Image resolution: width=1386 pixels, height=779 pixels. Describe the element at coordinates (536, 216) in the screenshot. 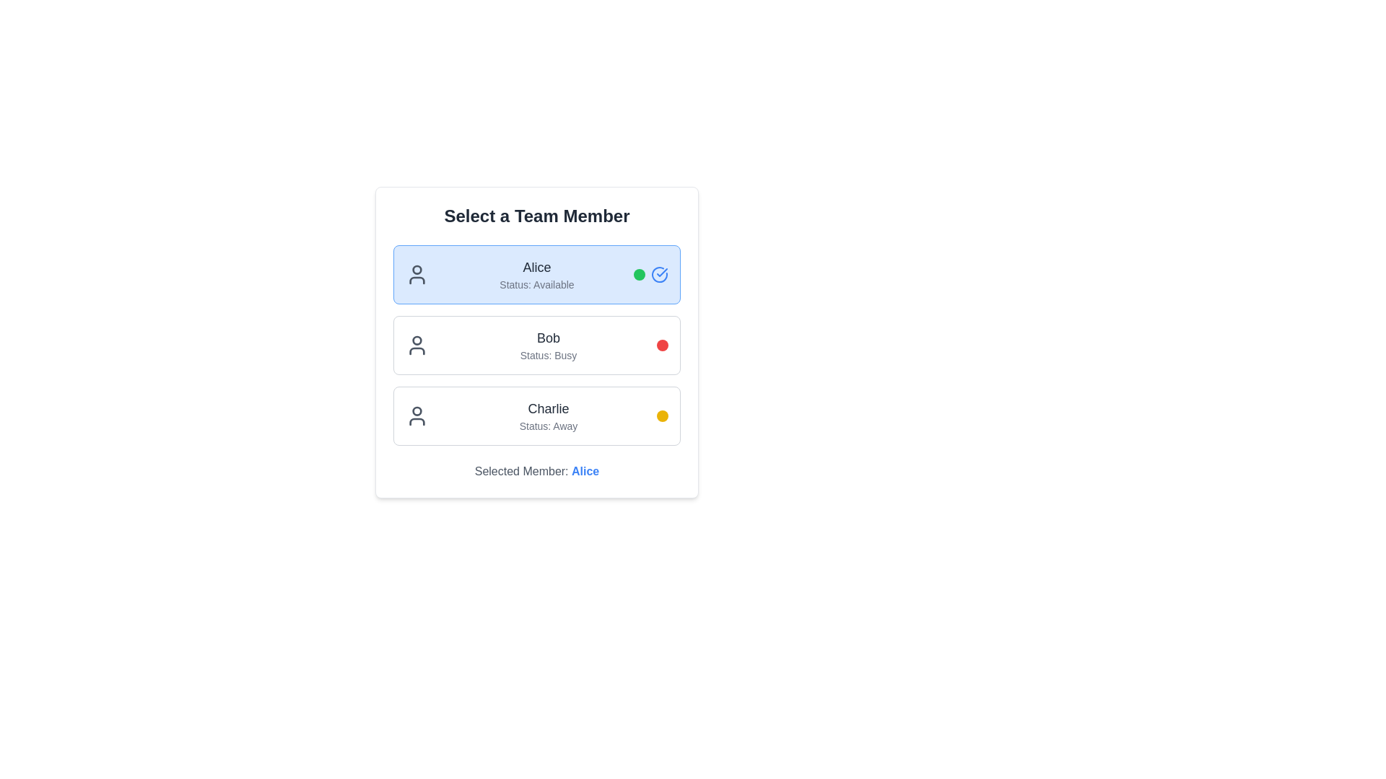

I see `the Static text header that introduces the purpose of the section for choosing a team member` at that location.